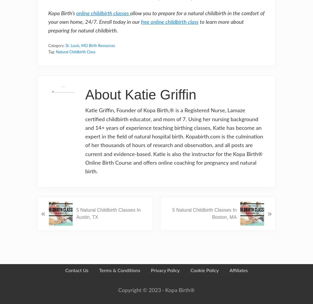  I want to click on 'online childbirth classes', so click(76, 13).